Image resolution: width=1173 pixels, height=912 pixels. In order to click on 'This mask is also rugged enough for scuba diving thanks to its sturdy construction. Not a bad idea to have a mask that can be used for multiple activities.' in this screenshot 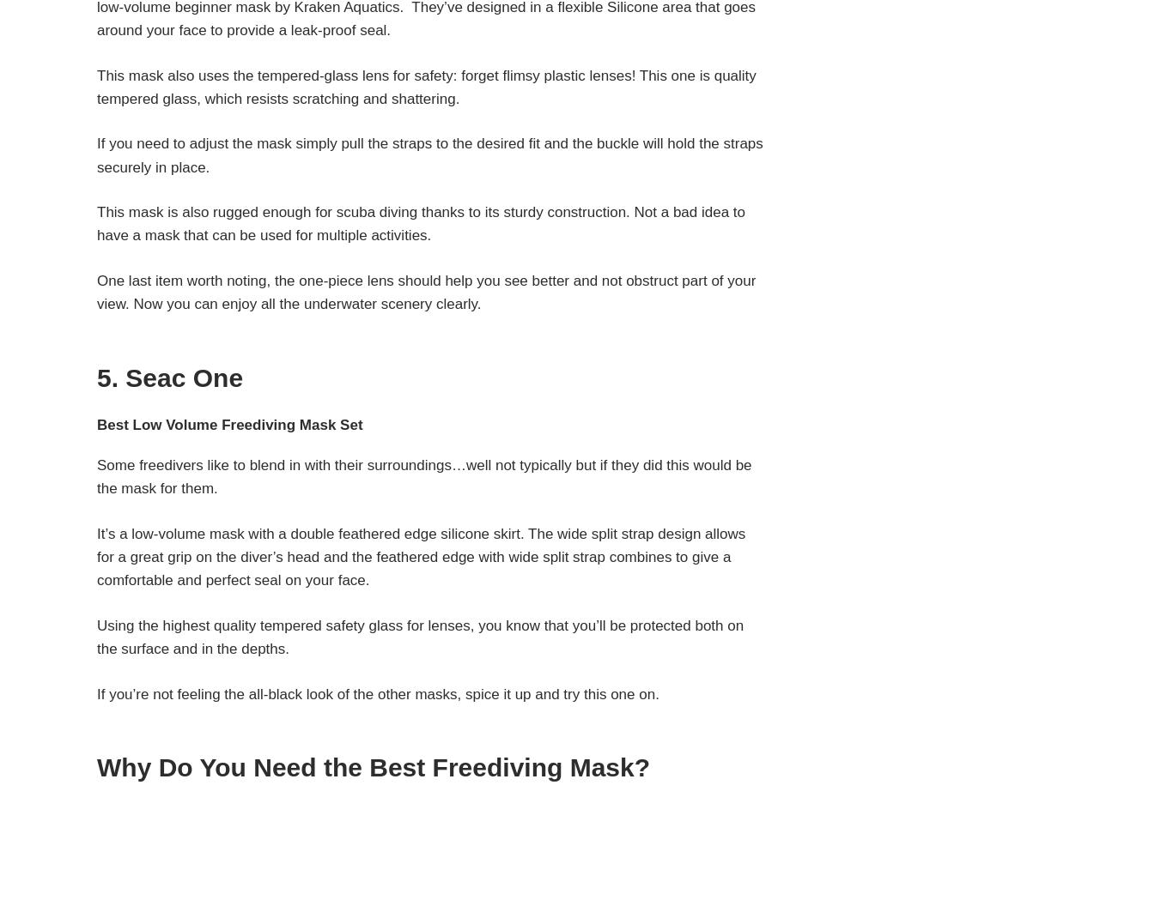, I will do `click(421, 223)`.